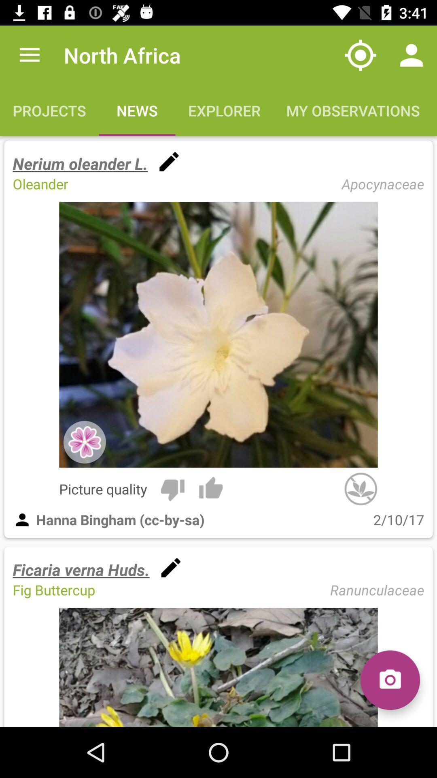 The height and width of the screenshot is (778, 437). Describe the element at coordinates (390, 680) in the screenshot. I see `the photo icon` at that location.